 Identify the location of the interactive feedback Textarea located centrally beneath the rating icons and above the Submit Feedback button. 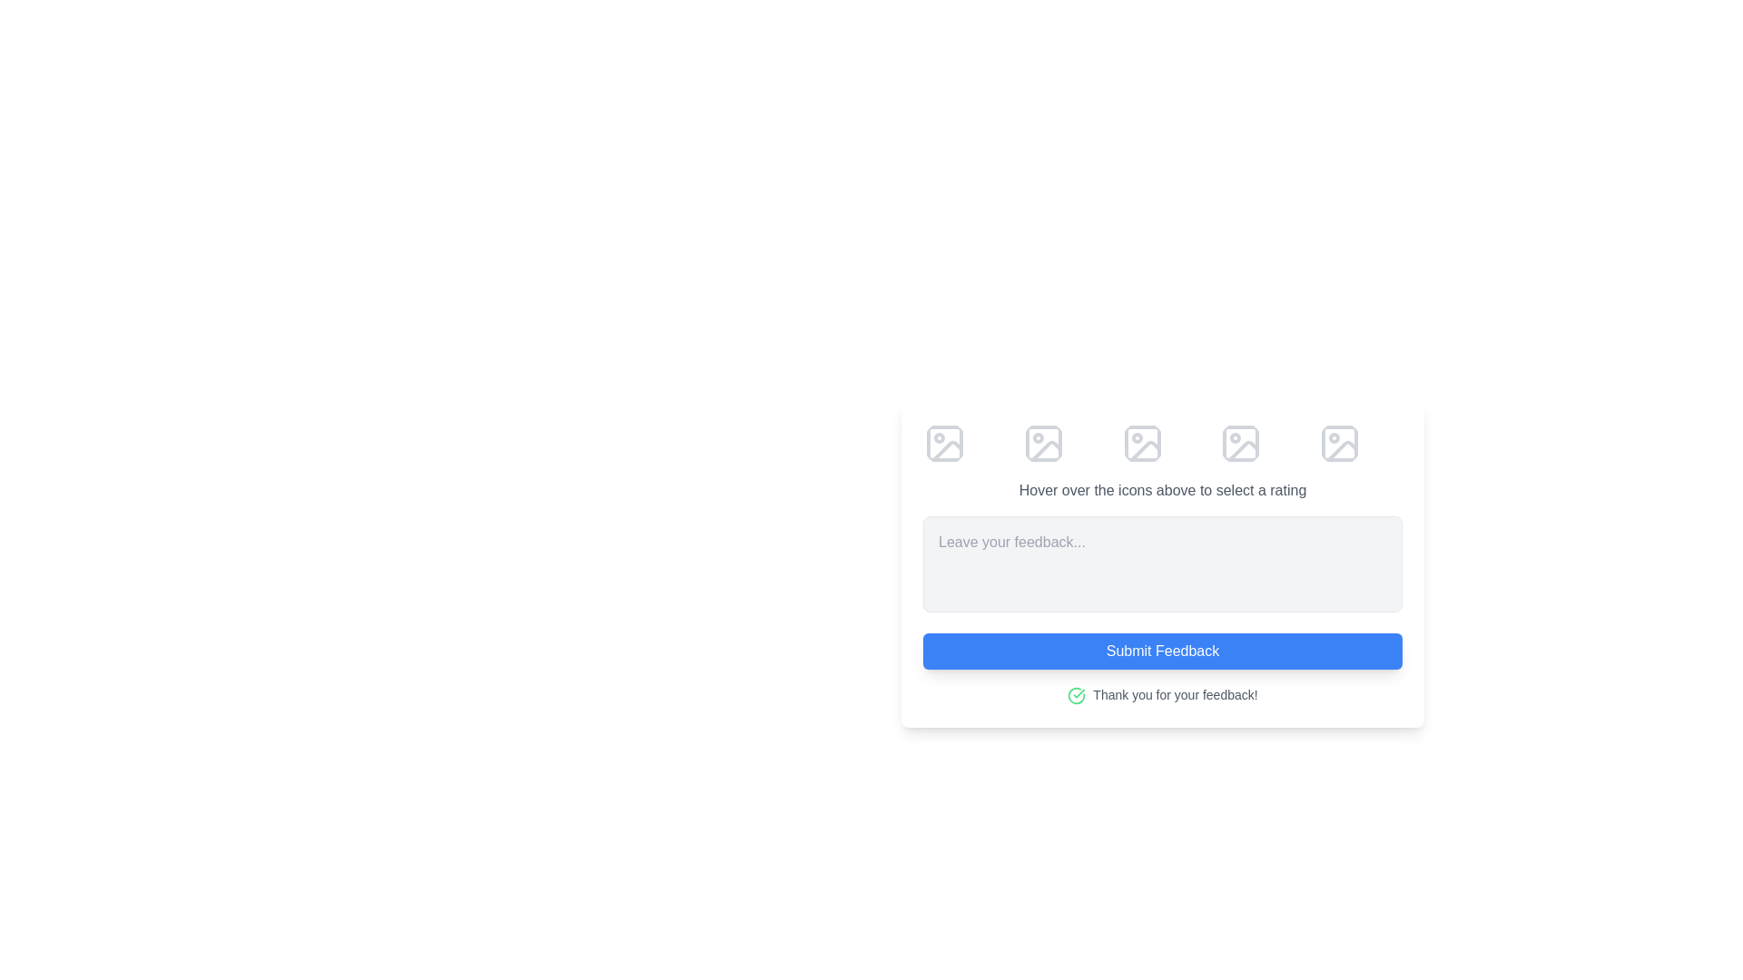
(1163, 563).